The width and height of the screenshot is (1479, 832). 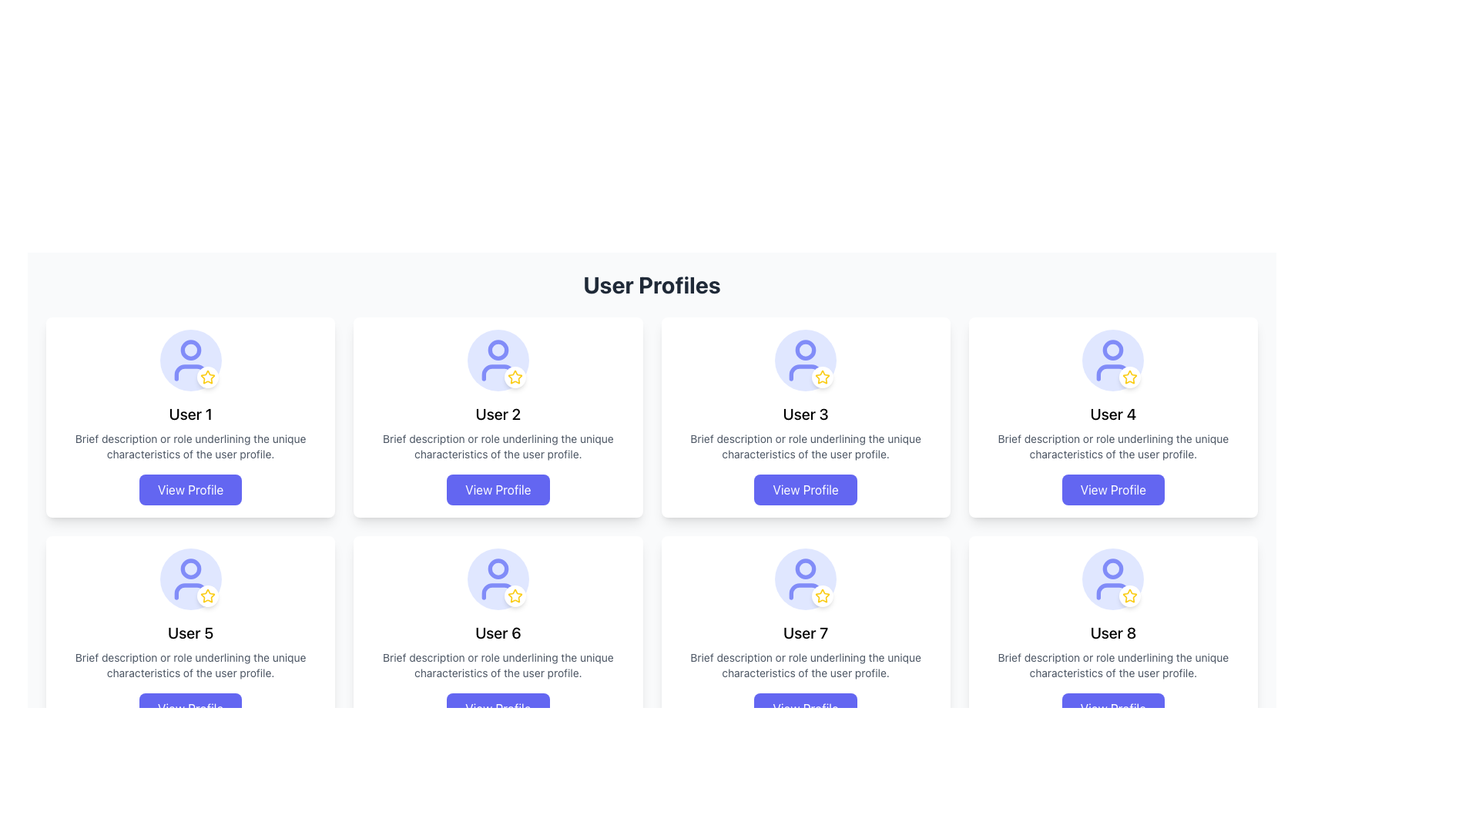 I want to click on the star icon in the bottom-right corner of the user profile card labeled 'User 4', so click(x=1130, y=377).